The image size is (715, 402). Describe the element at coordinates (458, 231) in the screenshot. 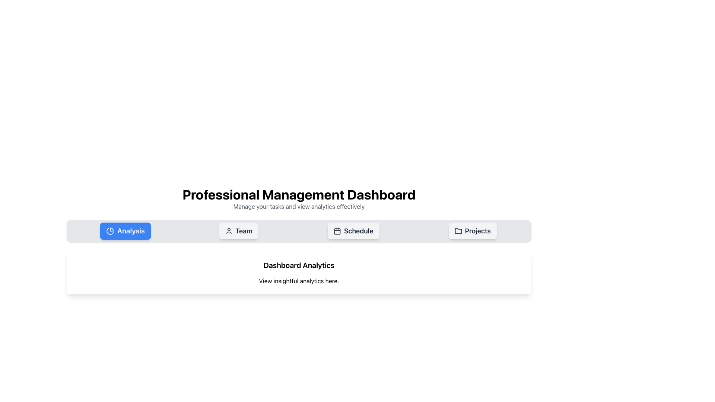

I see `the folder icon located to the left of the 'Projects' button in the top-right section of the navigation bar` at that location.